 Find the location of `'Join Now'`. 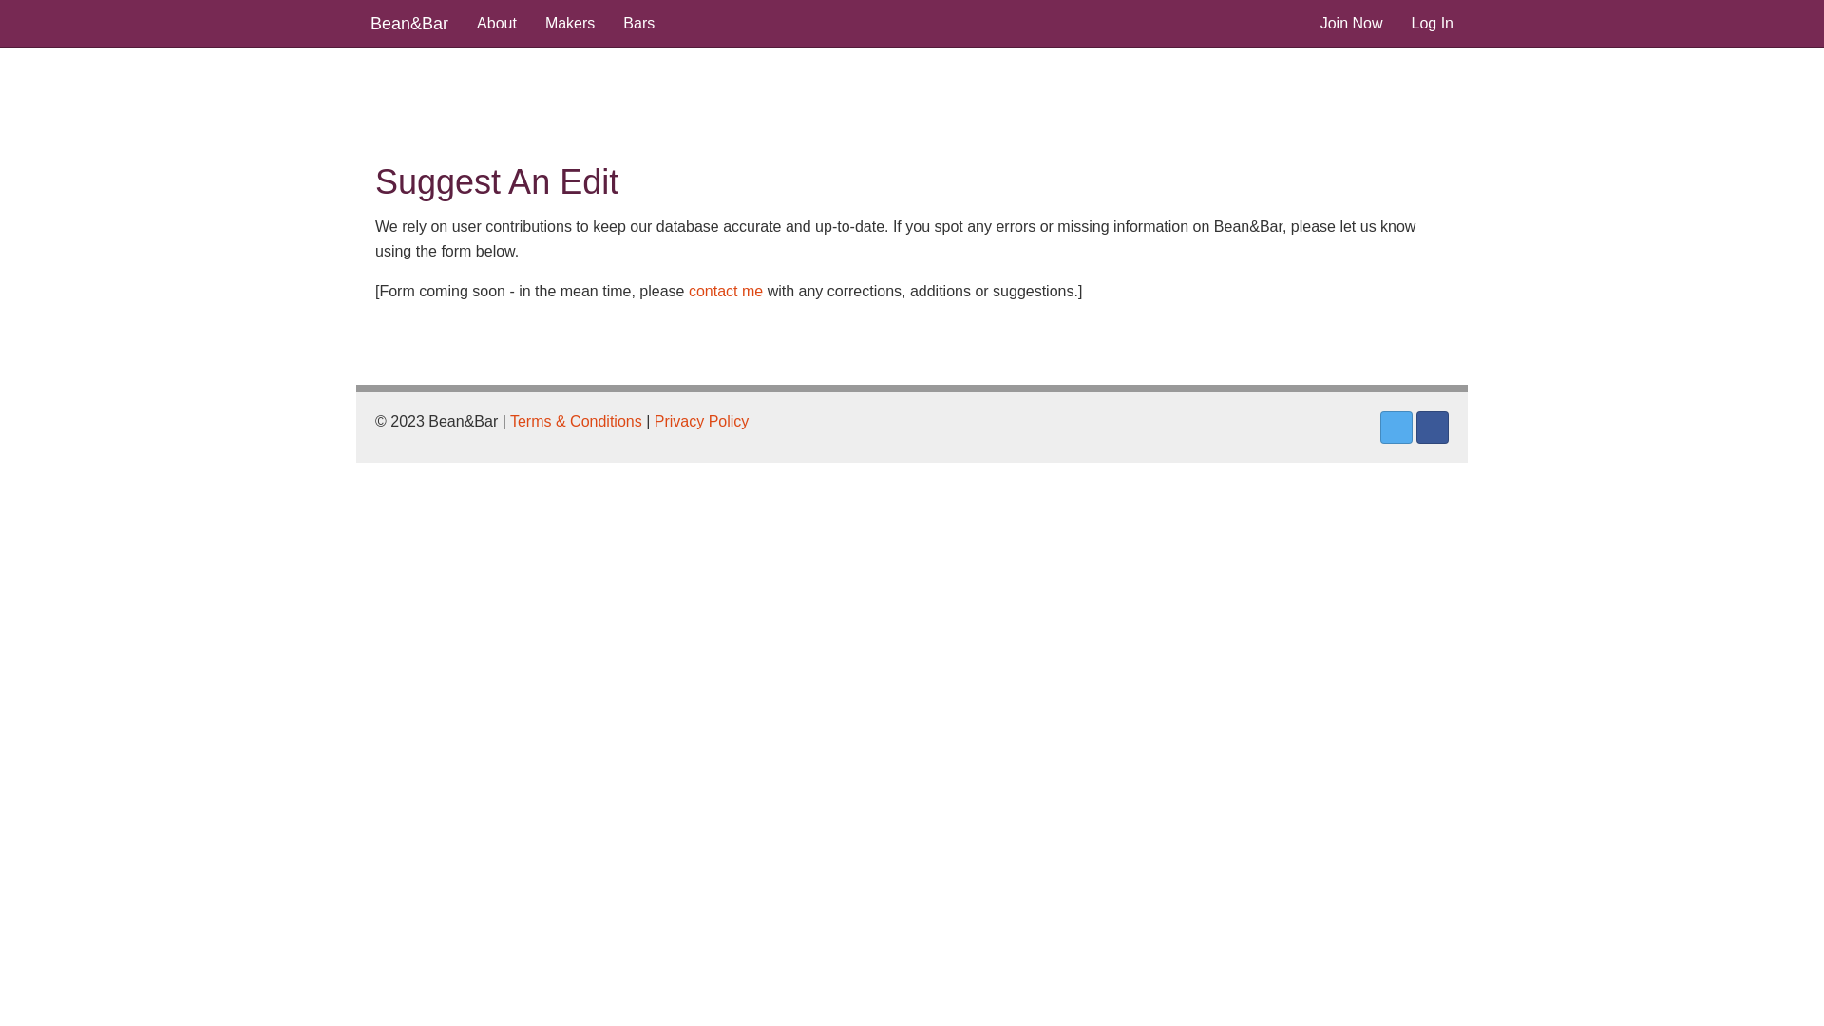

'Join Now' is located at coordinates (1350, 23).